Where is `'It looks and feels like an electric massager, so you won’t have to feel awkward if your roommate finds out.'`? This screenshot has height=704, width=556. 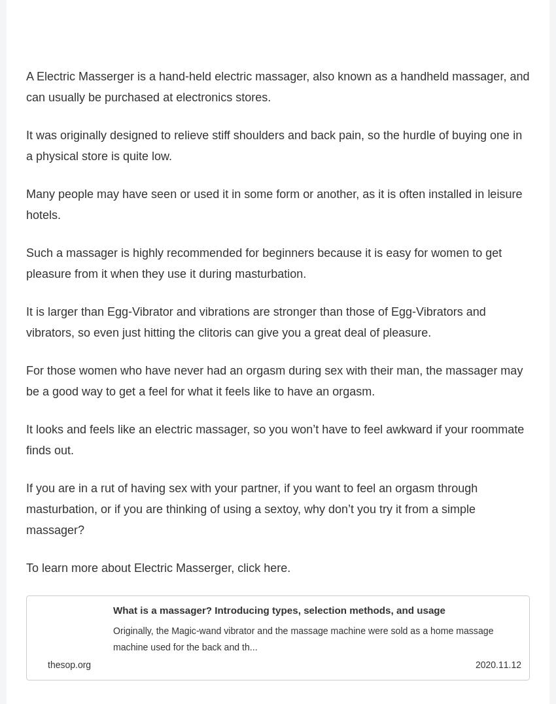 'It looks and feels like an electric massager, so you won’t have to feel awkward if your roommate finds out.' is located at coordinates (26, 444).